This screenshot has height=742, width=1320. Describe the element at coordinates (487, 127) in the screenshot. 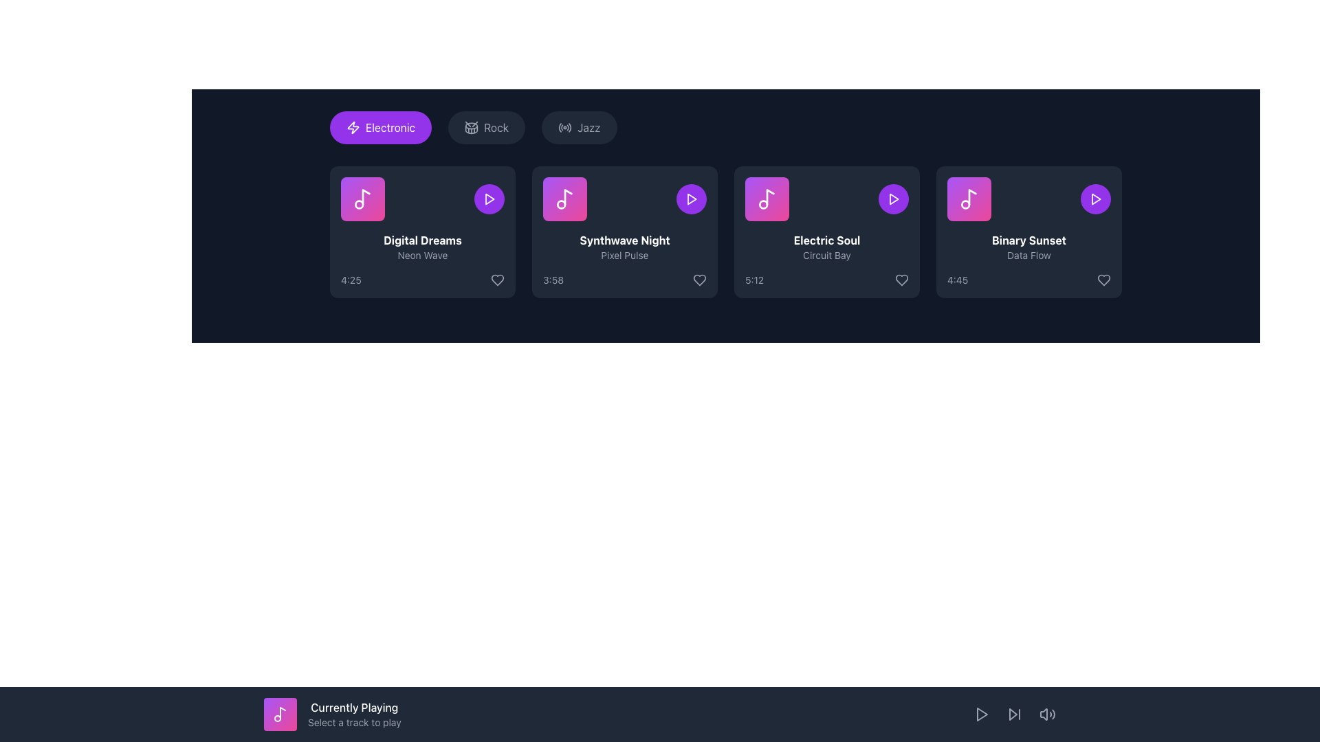

I see `the 'Rock' genre button located in the center of the horizontal navigation bar, positioned between 'Electronic' and 'Jazz' buttons` at that location.